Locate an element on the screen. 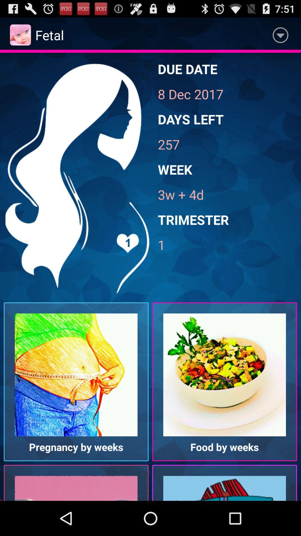 This screenshot has width=301, height=536. item above due date item is located at coordinates (280, 35).